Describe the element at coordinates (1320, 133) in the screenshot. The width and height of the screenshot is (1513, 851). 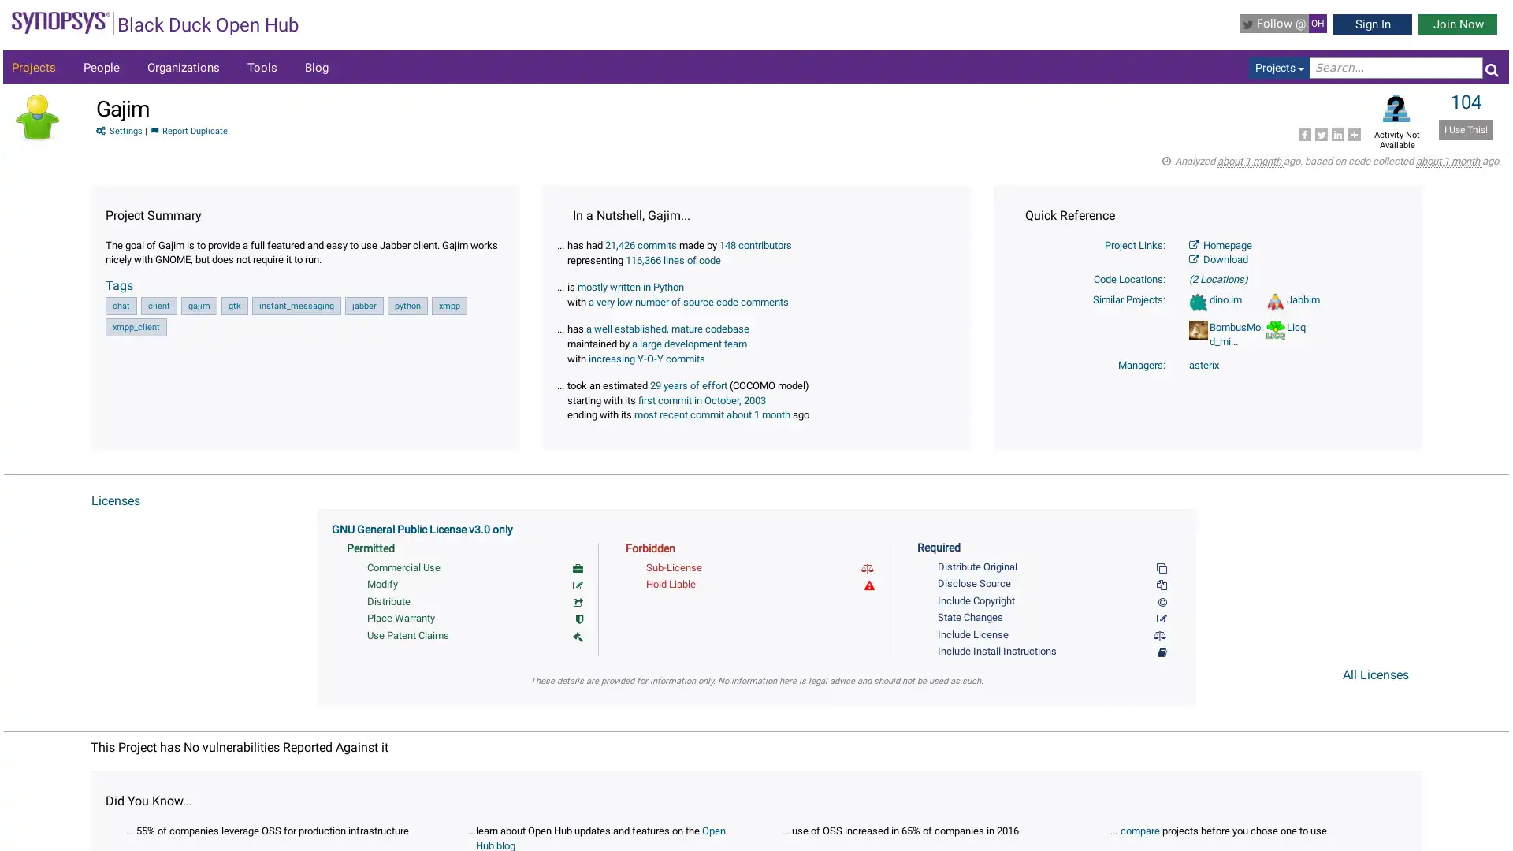
I see `Share to Twitter` at that location.